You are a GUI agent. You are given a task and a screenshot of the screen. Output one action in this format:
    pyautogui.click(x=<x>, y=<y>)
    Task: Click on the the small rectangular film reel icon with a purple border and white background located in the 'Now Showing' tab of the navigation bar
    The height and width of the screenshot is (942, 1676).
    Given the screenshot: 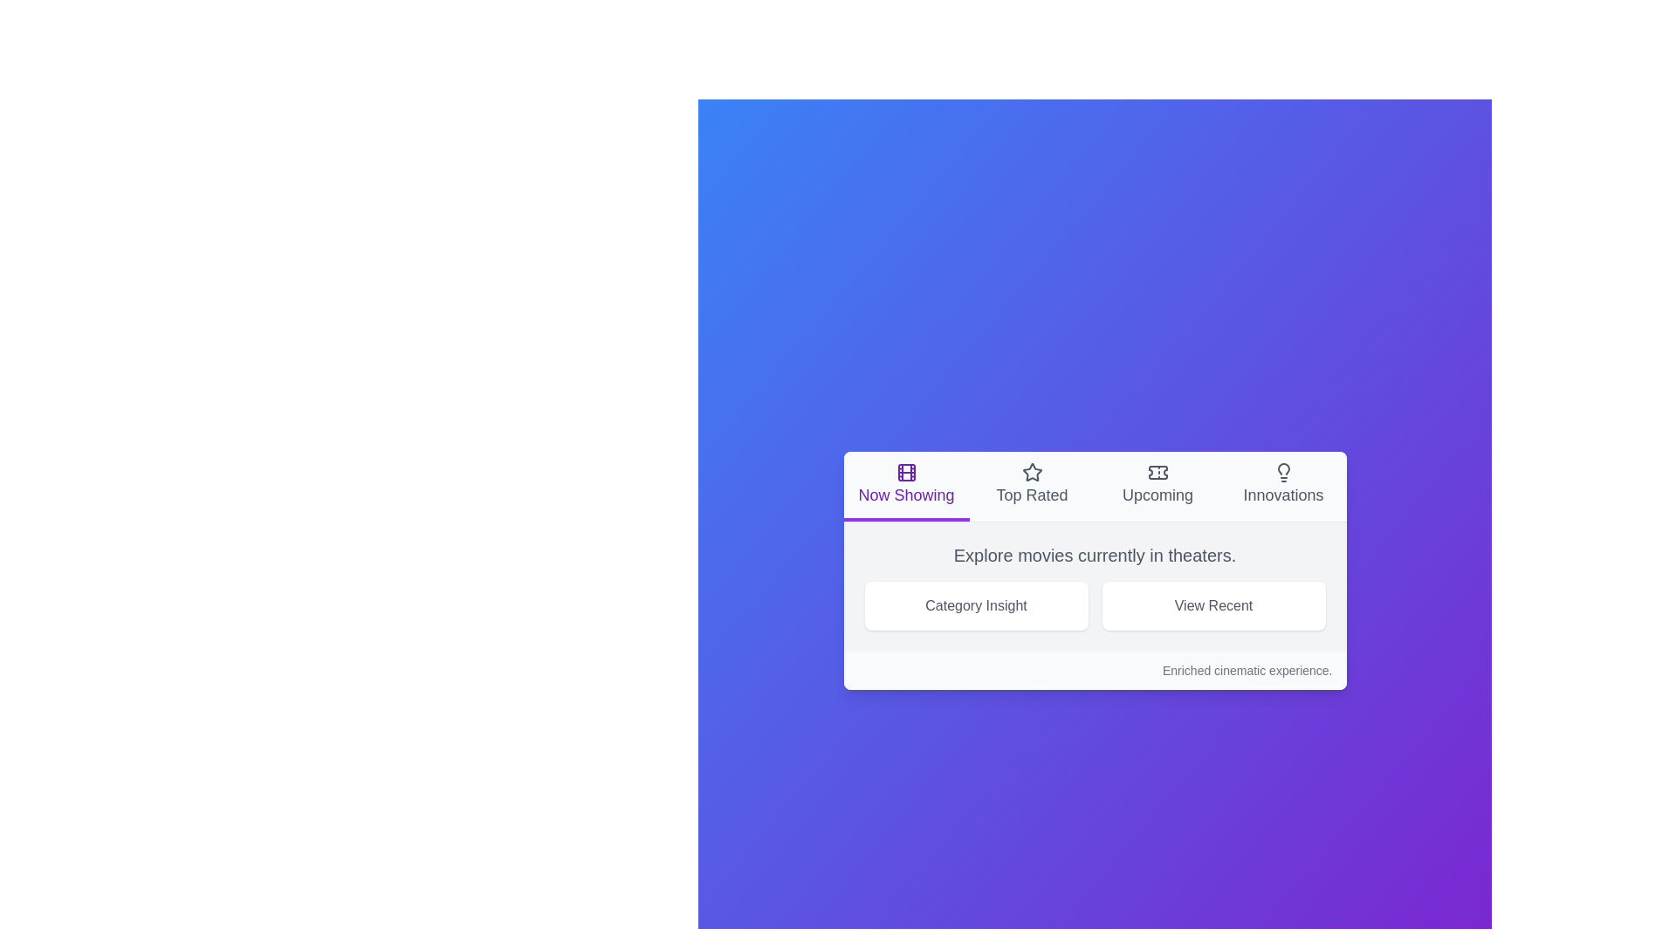 What is the action you would take?
    pyautogui.click(x=906, y=472)
    